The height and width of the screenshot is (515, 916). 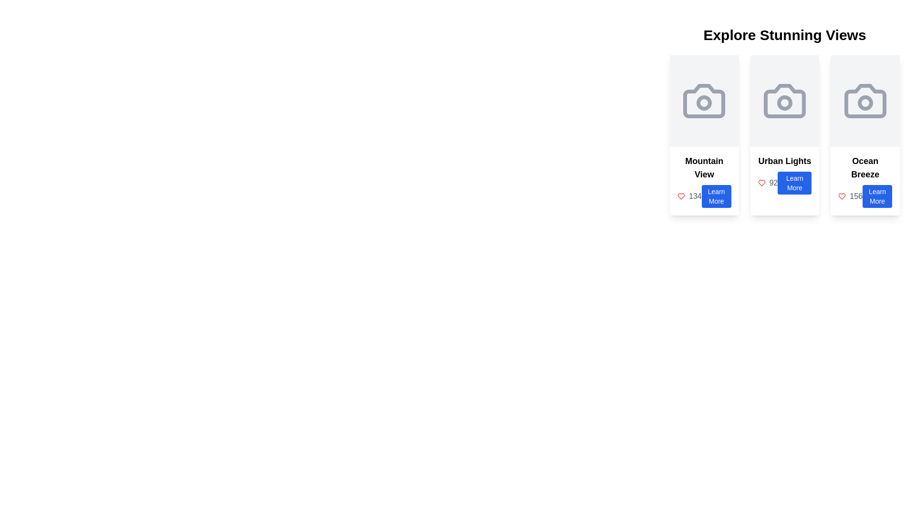 I want to click on the camera icon located on the rightmost card titled 'Ocean Breeze', positioned in the top center of the card, indicating functionality related to photography, so click(x=865, y=101).